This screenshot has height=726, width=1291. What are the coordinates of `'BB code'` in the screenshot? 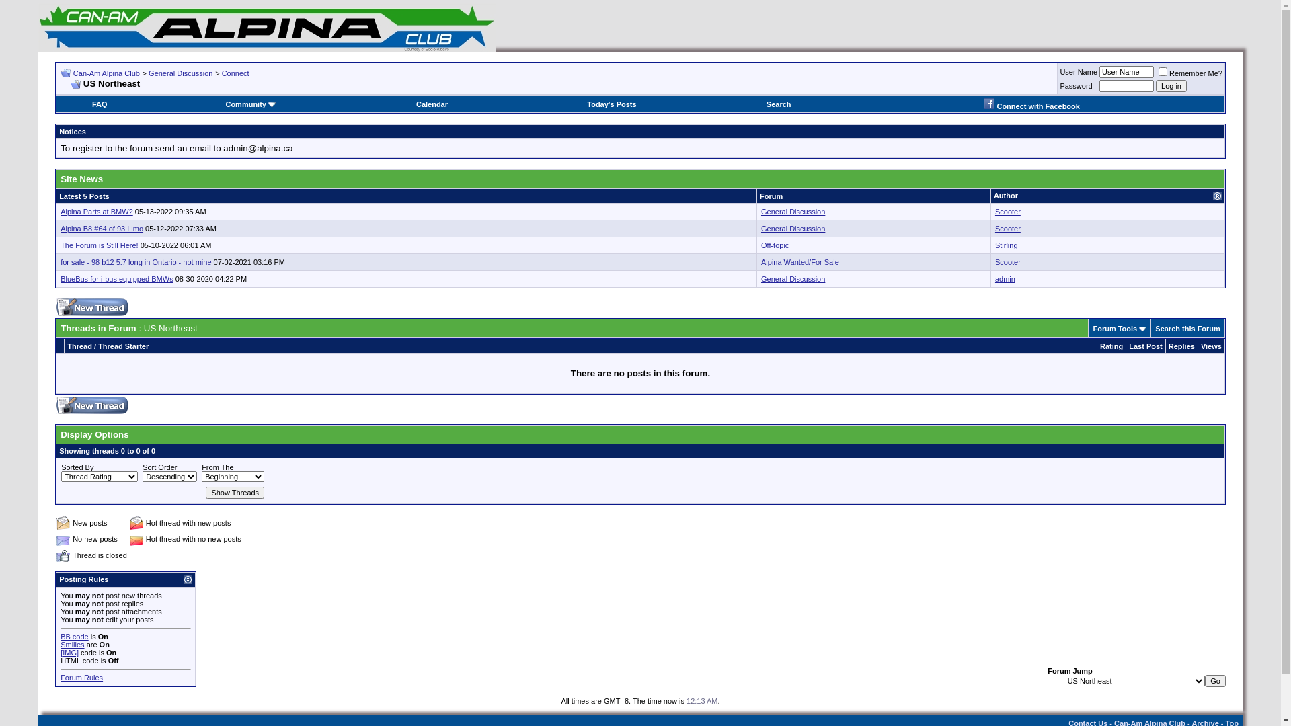 It's located at (73, 636).